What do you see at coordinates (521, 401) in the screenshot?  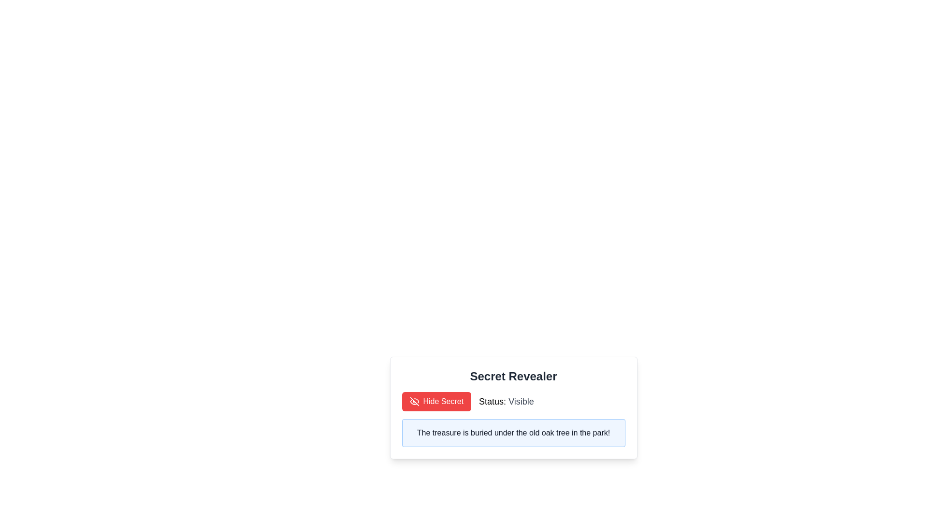 I see `the text label displaying 'Visible', which is aligned to the right of 'Status:' and is part of a status update grouping` at bounding box center [521, 401].